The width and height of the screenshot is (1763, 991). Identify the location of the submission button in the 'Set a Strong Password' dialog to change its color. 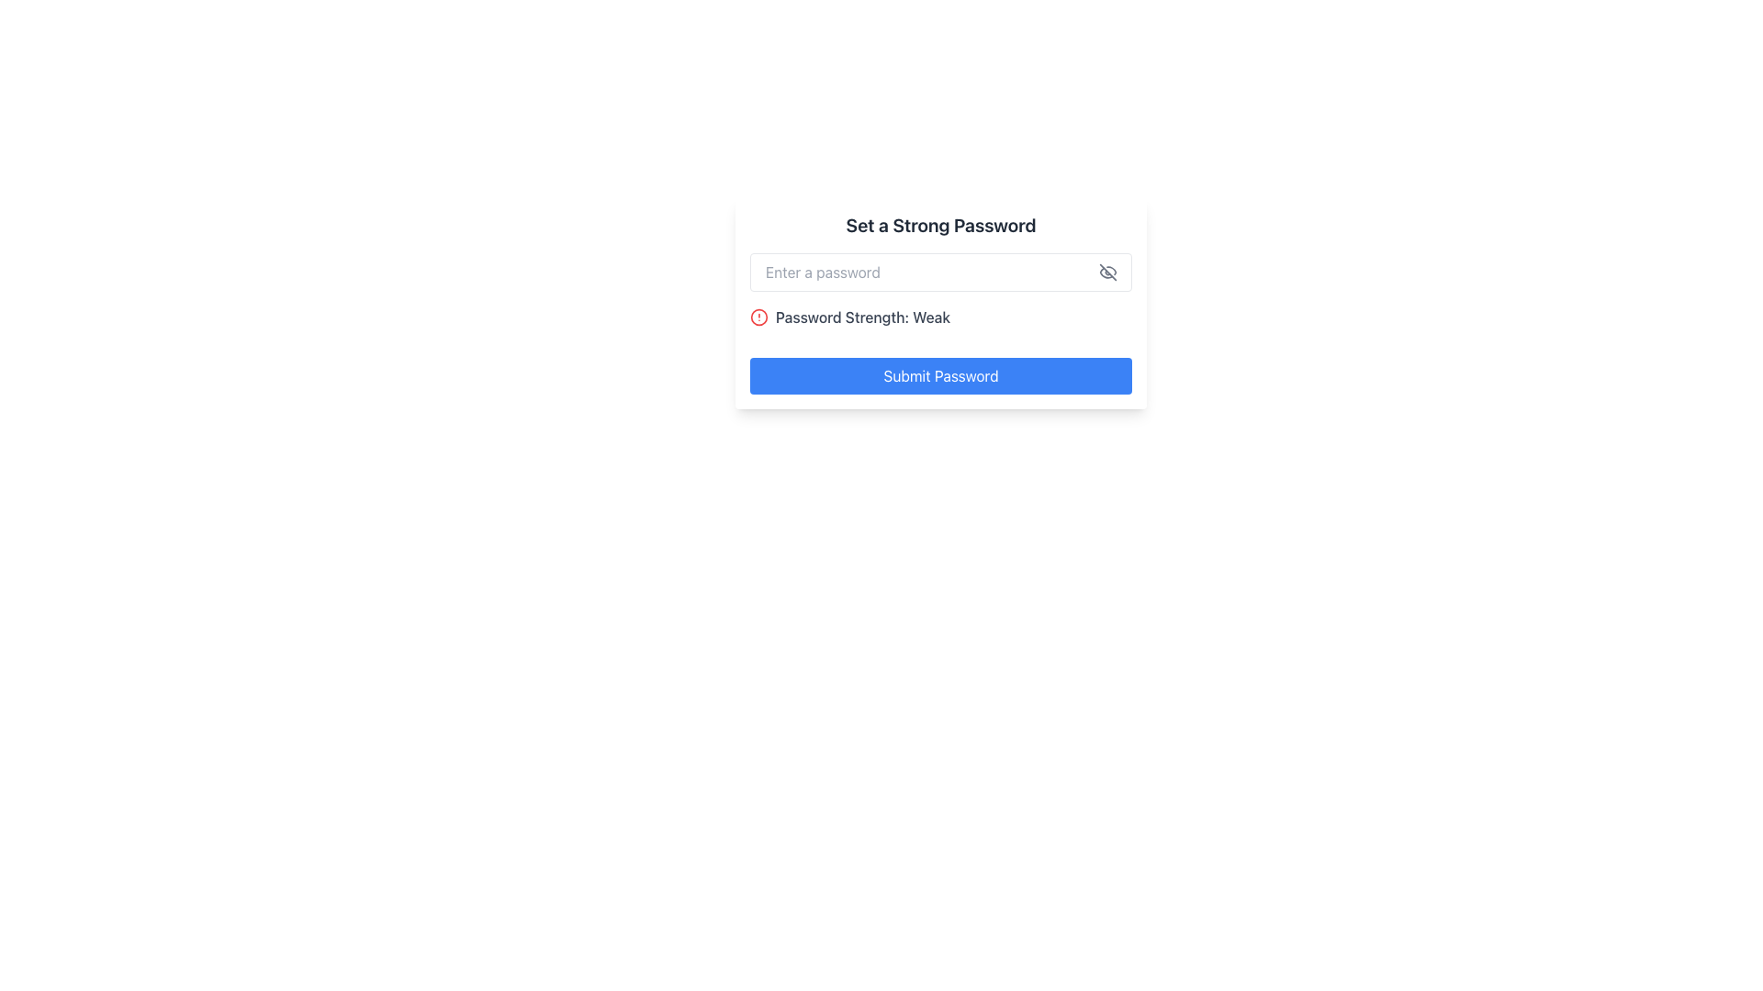
(941, 374).